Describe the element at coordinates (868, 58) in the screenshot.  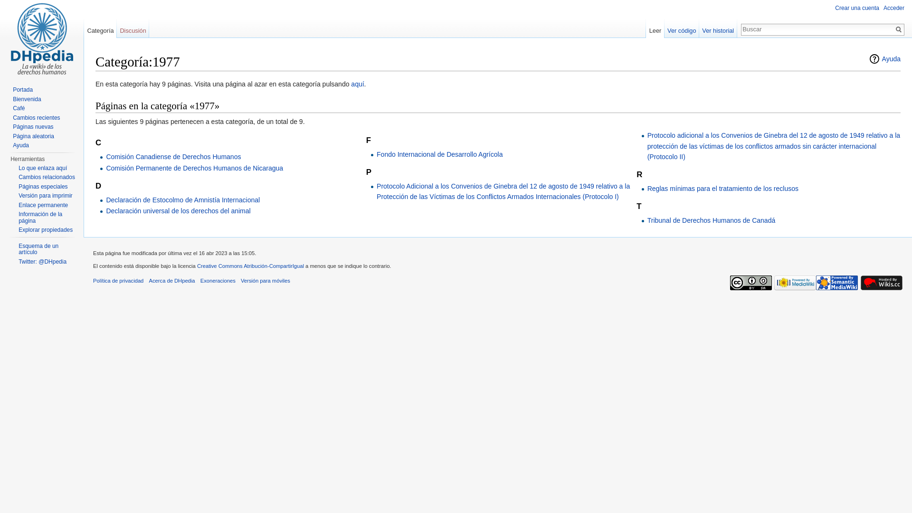
I see `'Ayuda'` at that location.